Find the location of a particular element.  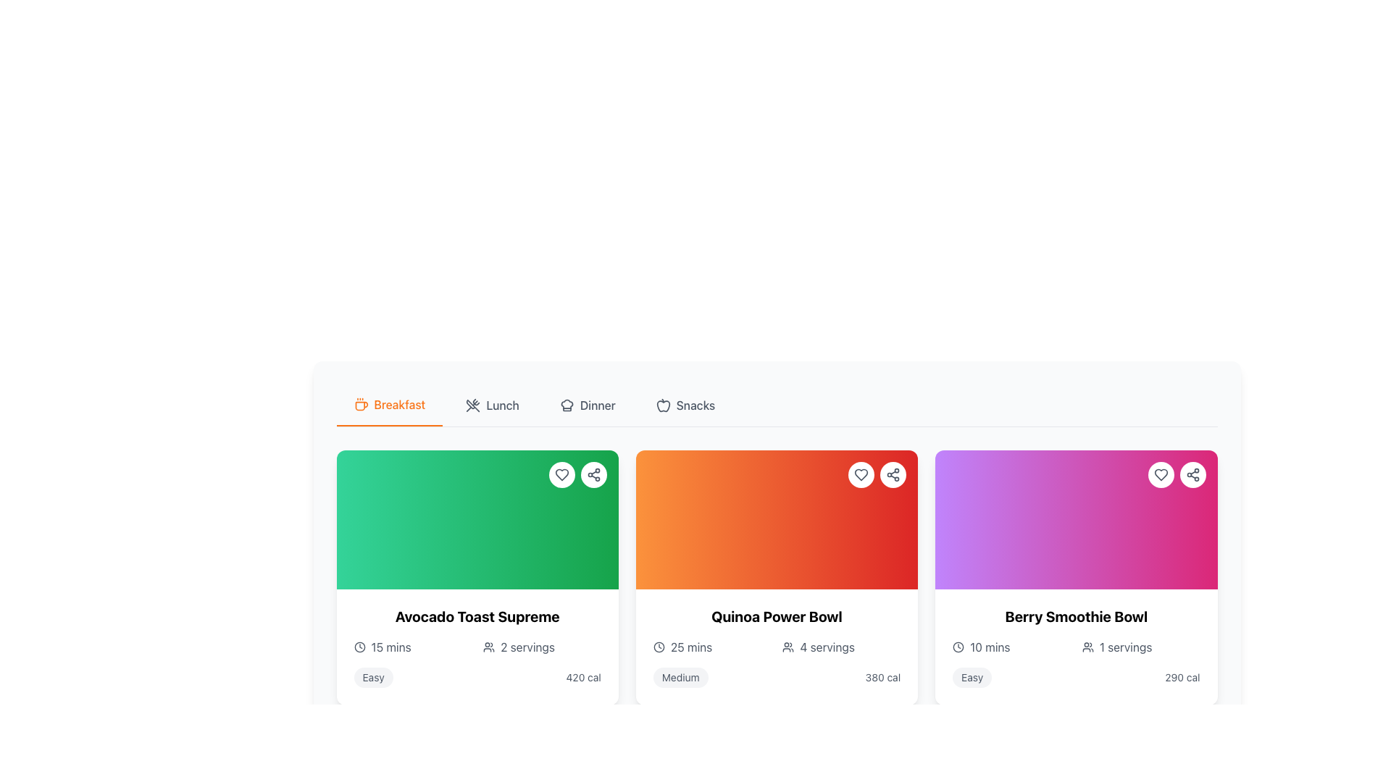

the heart icon to like the content on the card labeled 'Avocado Toast Supreme', located in the top-right corner of the green panel is located at coordinates (577, 474).